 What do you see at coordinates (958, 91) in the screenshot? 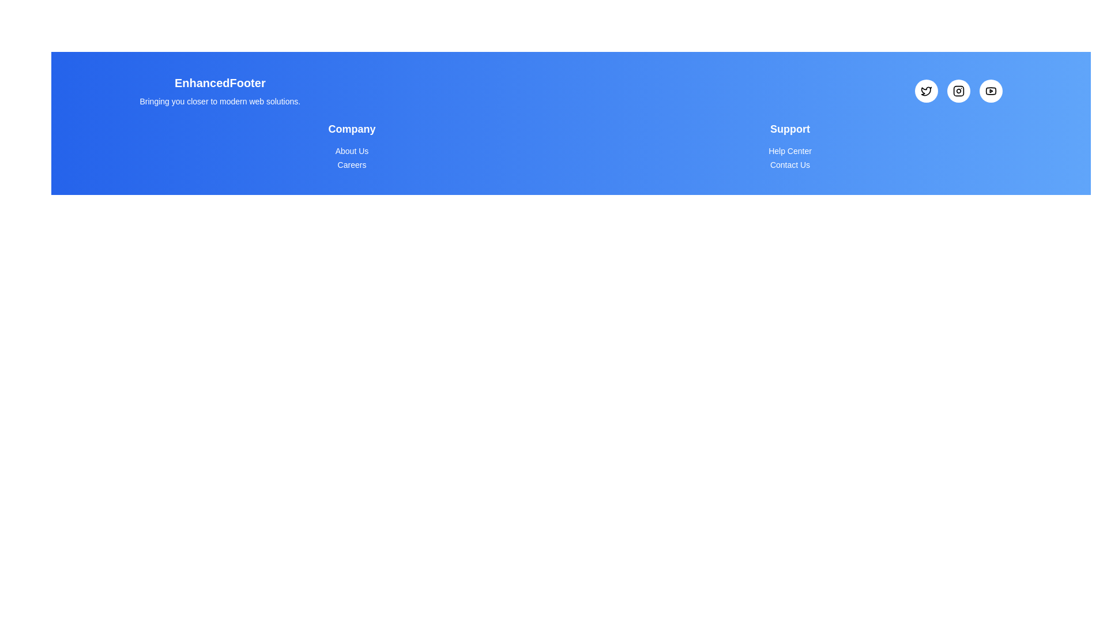
I see `the circular button in the footer section that links to the Instagram page` at bounding box center [958, 91].